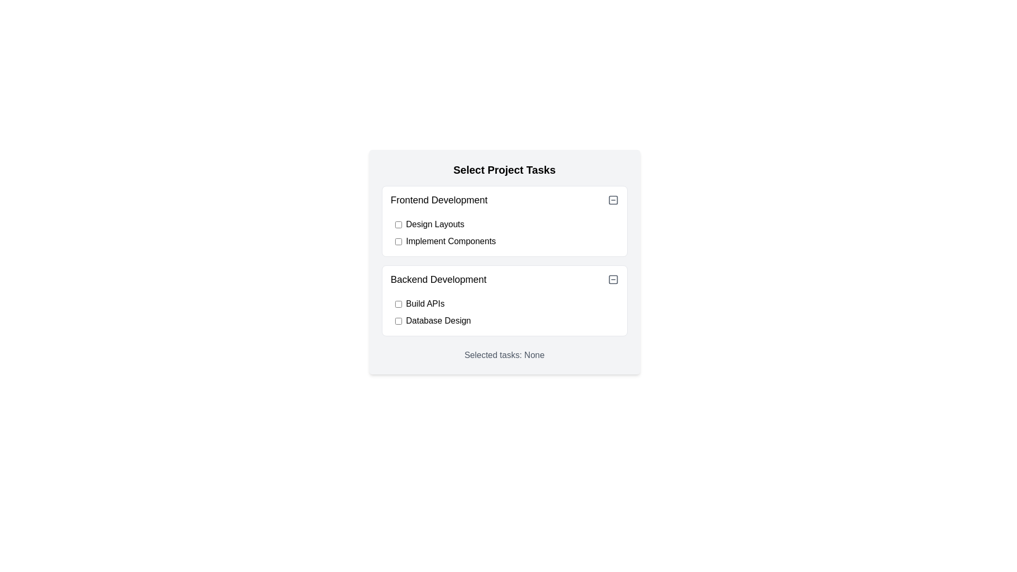 This screenshot has height=572, width=1017. I want to click on the checkbox located next to the label 'Design Layouts' in the 'Frontend Development' section, so click(398, 224).